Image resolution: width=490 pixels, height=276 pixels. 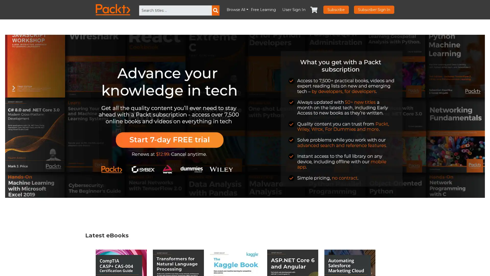 What do you see at coordinates (336, 10) in the screenshot?
I see `Subscribe` at bounding box center [336, 10].